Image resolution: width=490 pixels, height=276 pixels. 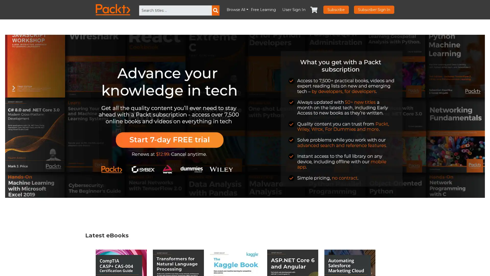 What do you see at coordinates (336, 10) in the screenshot?
I see `Subscribe` at bounding box center [336, 10].